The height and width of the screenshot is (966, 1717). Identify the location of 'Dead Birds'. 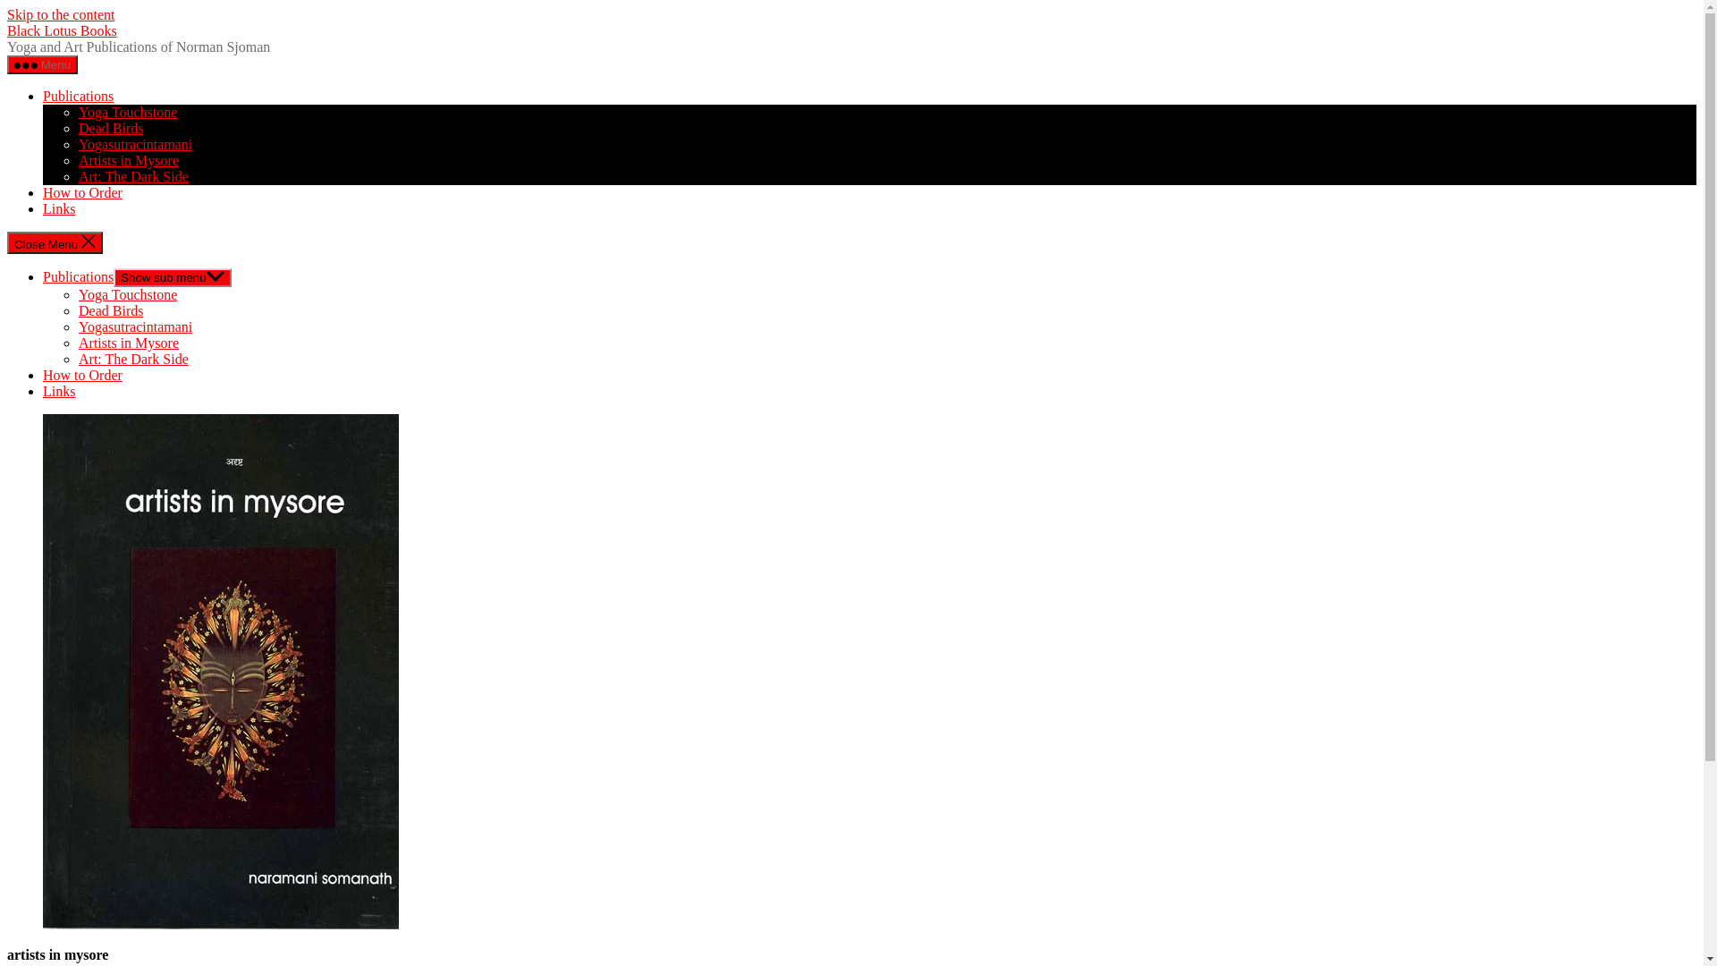
(77, 309).